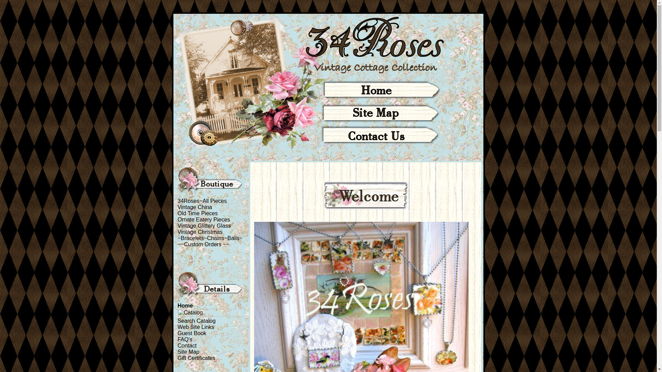 This screenshot has height=372, width=662. Describe the element at coordinates (185, 339) in the screenshot. I see `'FAQ's'` at that location.